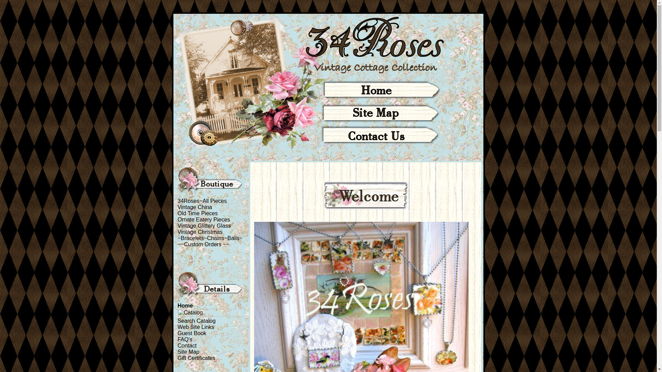 This screenshot has height=372, width=662. Describe the element at coordinates (185, 339) in the screenshot. I see `'FAQ's'` at that location.